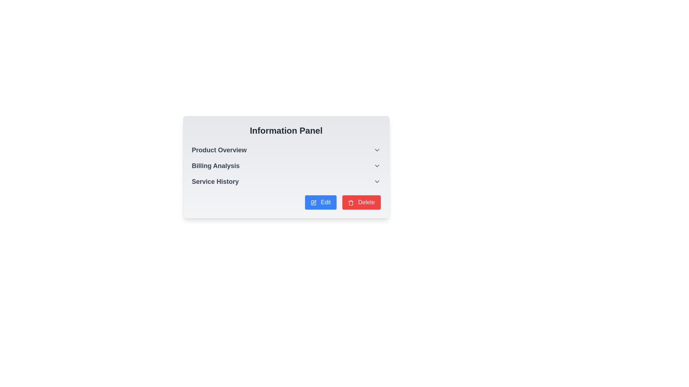 The width and height of the screenshot is (689, 387). What do you see at coordinates (376, 181) in the screenshot?
I see `the Icon button located to the right of the 'Service History' text in the 'Information Panel' section to indicate interactivity` at bounding box center [376, 181].